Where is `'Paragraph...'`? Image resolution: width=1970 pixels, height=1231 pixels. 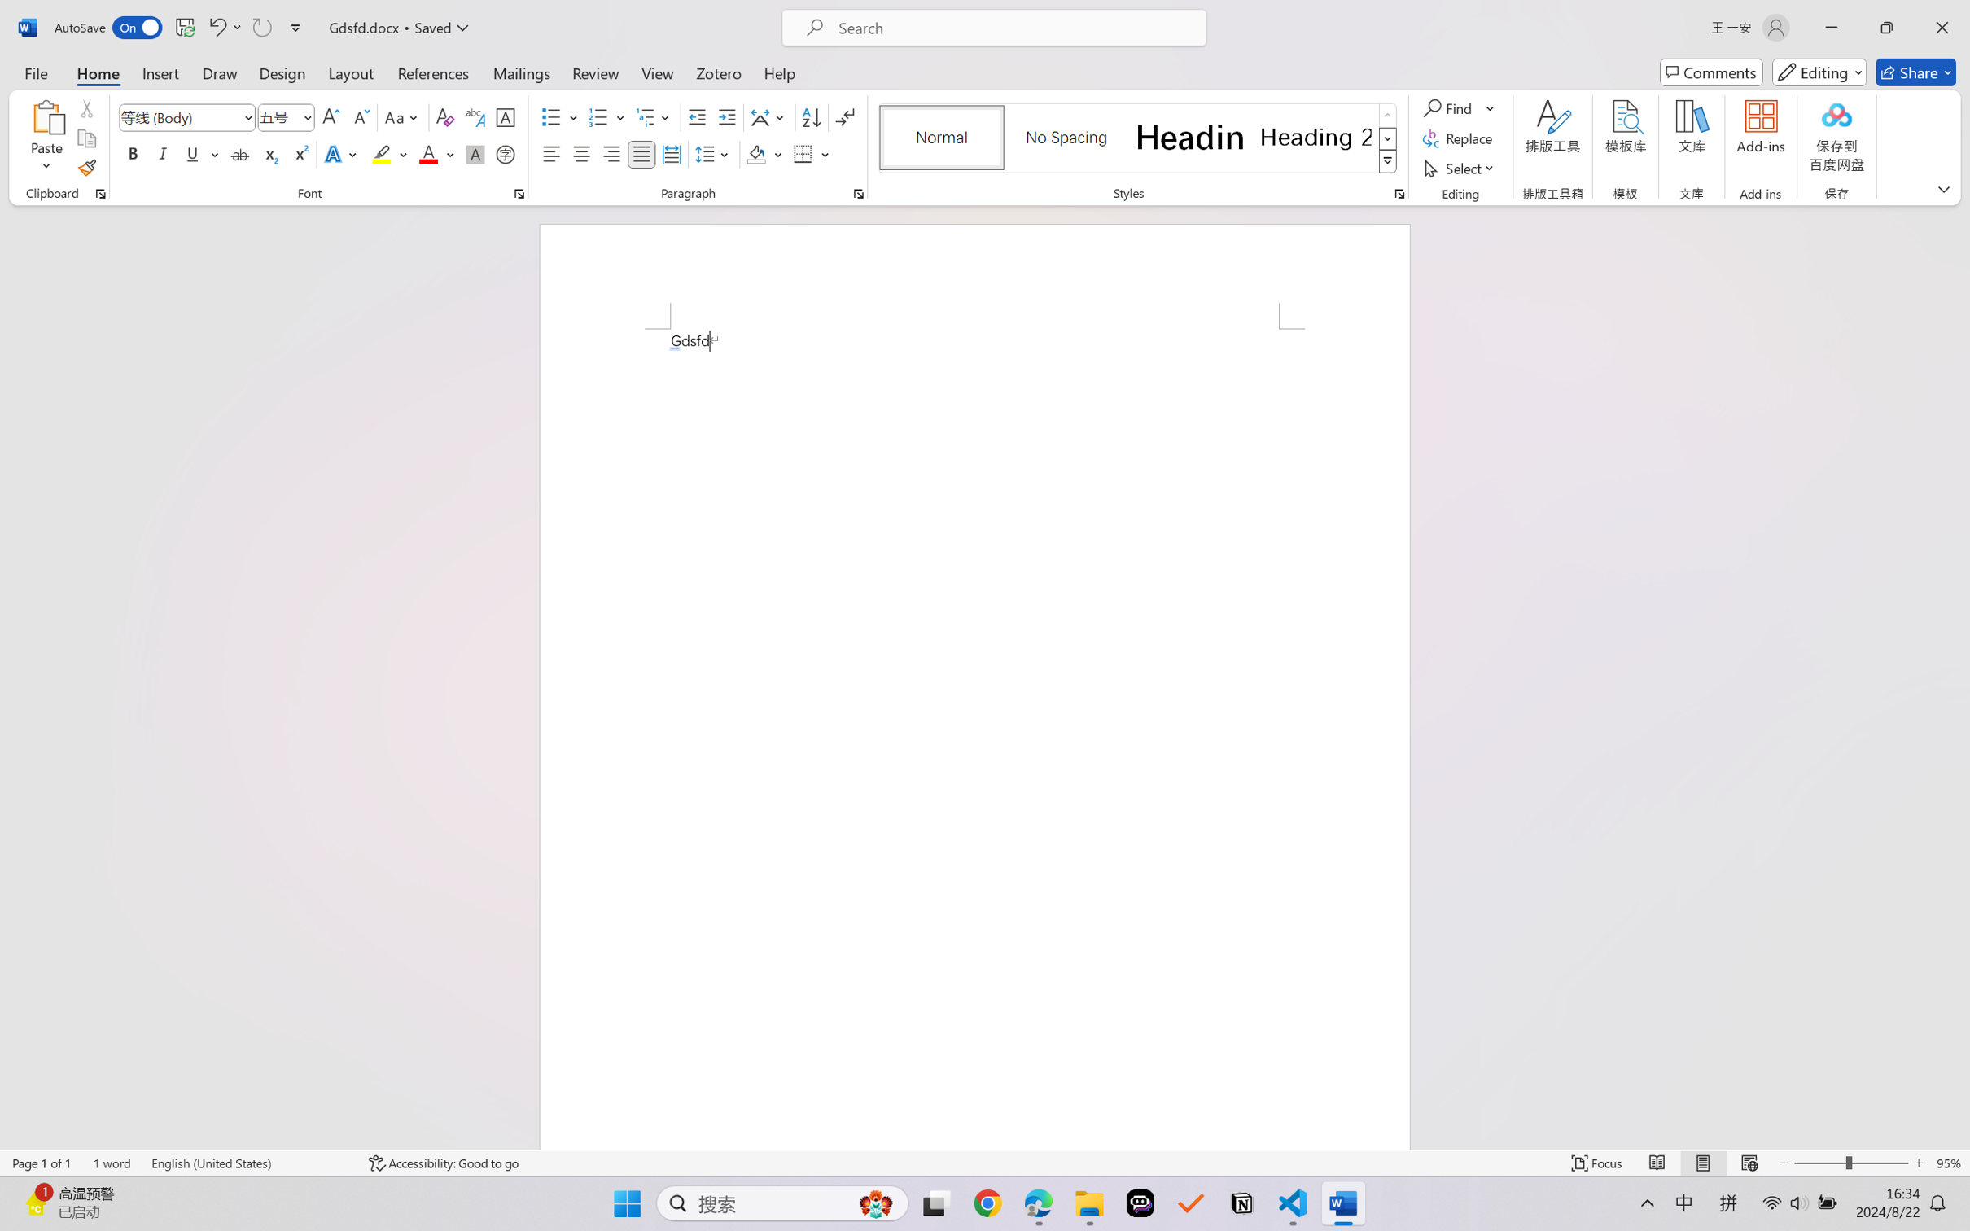
'Paragraph...' is located at coordinates (858, 193).